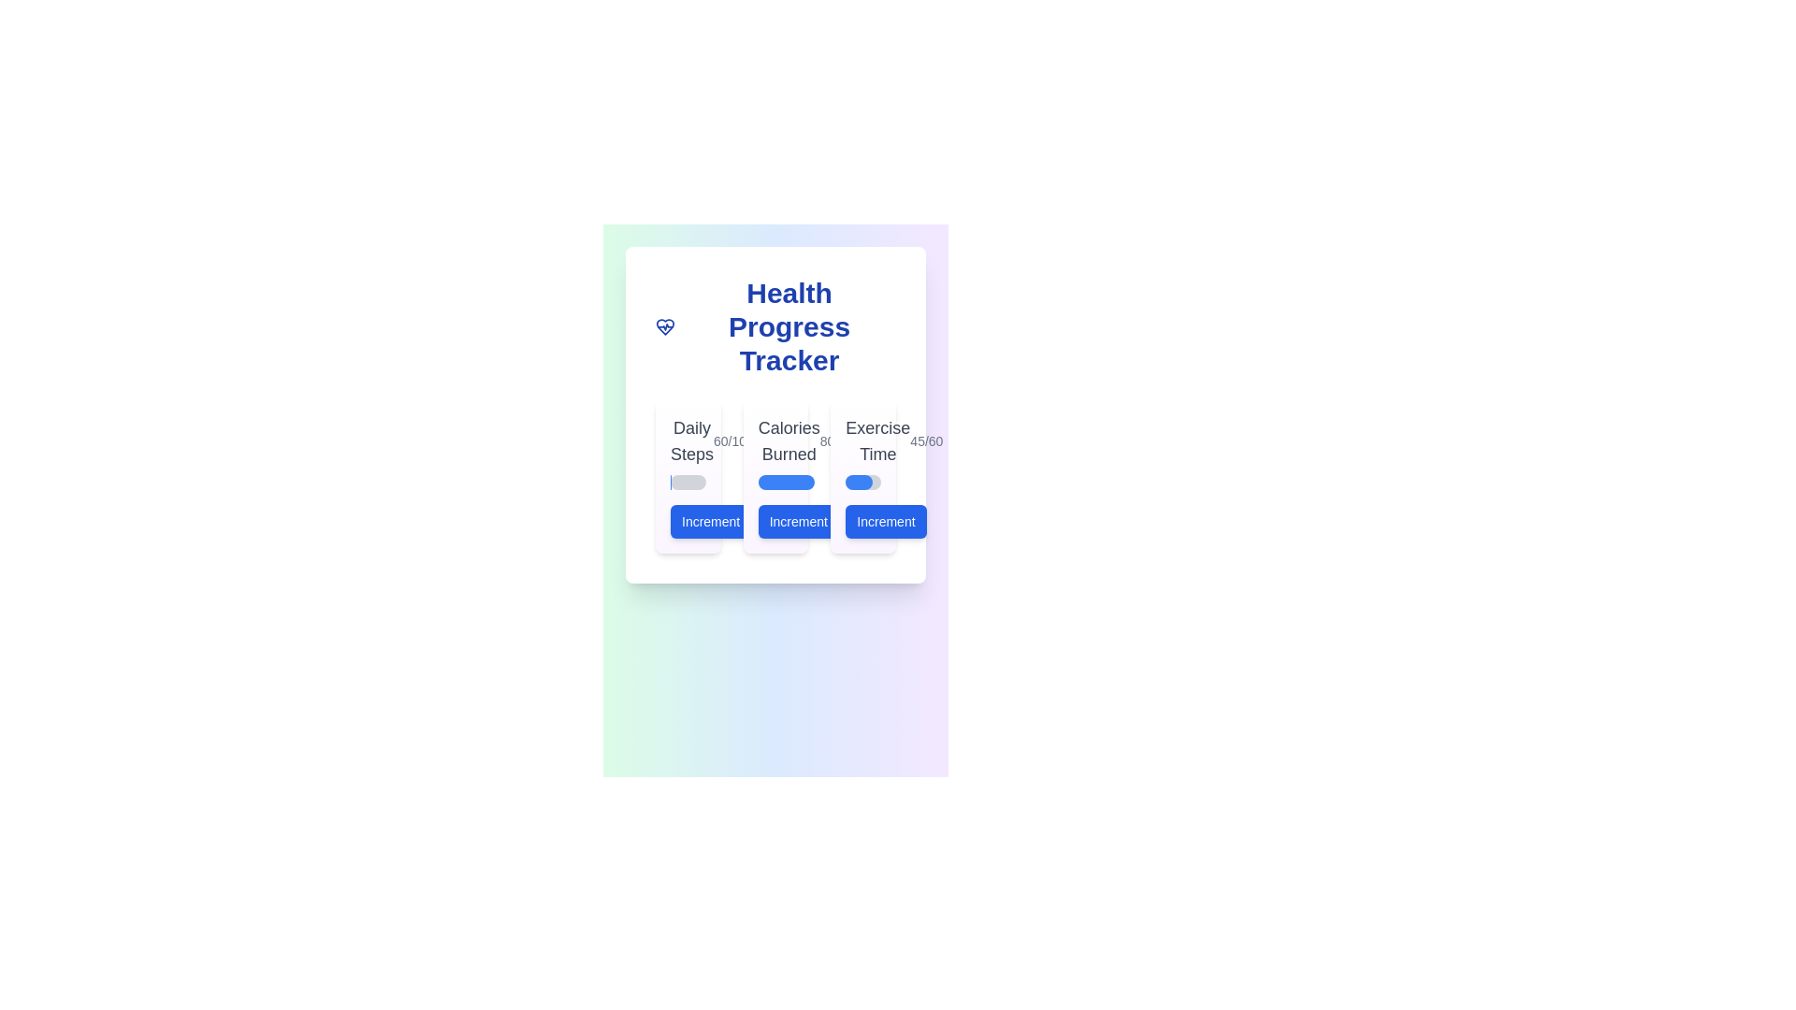  What do you see at coordinates (775, 475) in the screenshot?
I see `the progress tracker card for calories burned, which is the second card in a horizontal layout of three cards` at bounding box center [775, 475].